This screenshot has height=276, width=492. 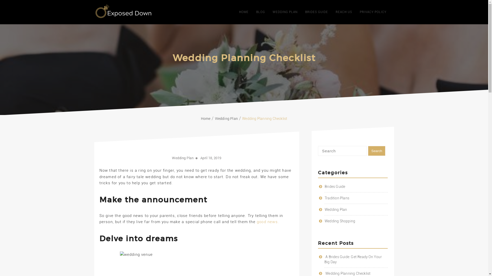 I want to click on 'HOME', so click(x=243, y=11).